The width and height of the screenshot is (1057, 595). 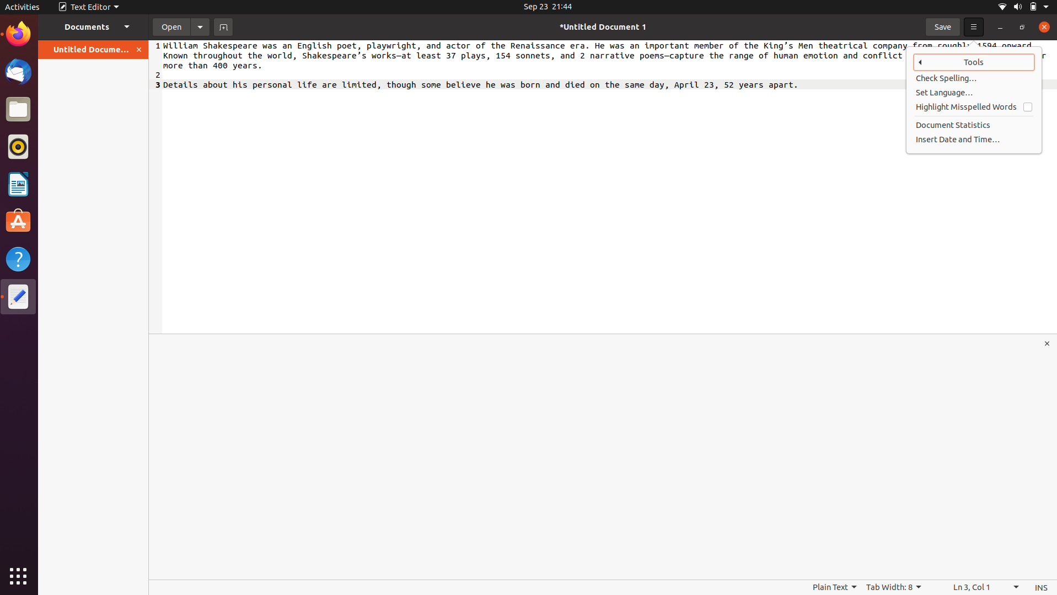 What do you see at coordinates (974, 78) in the screenshot?
I see `Verify spelling accuracy in the document` at bounding box center [974, 78].